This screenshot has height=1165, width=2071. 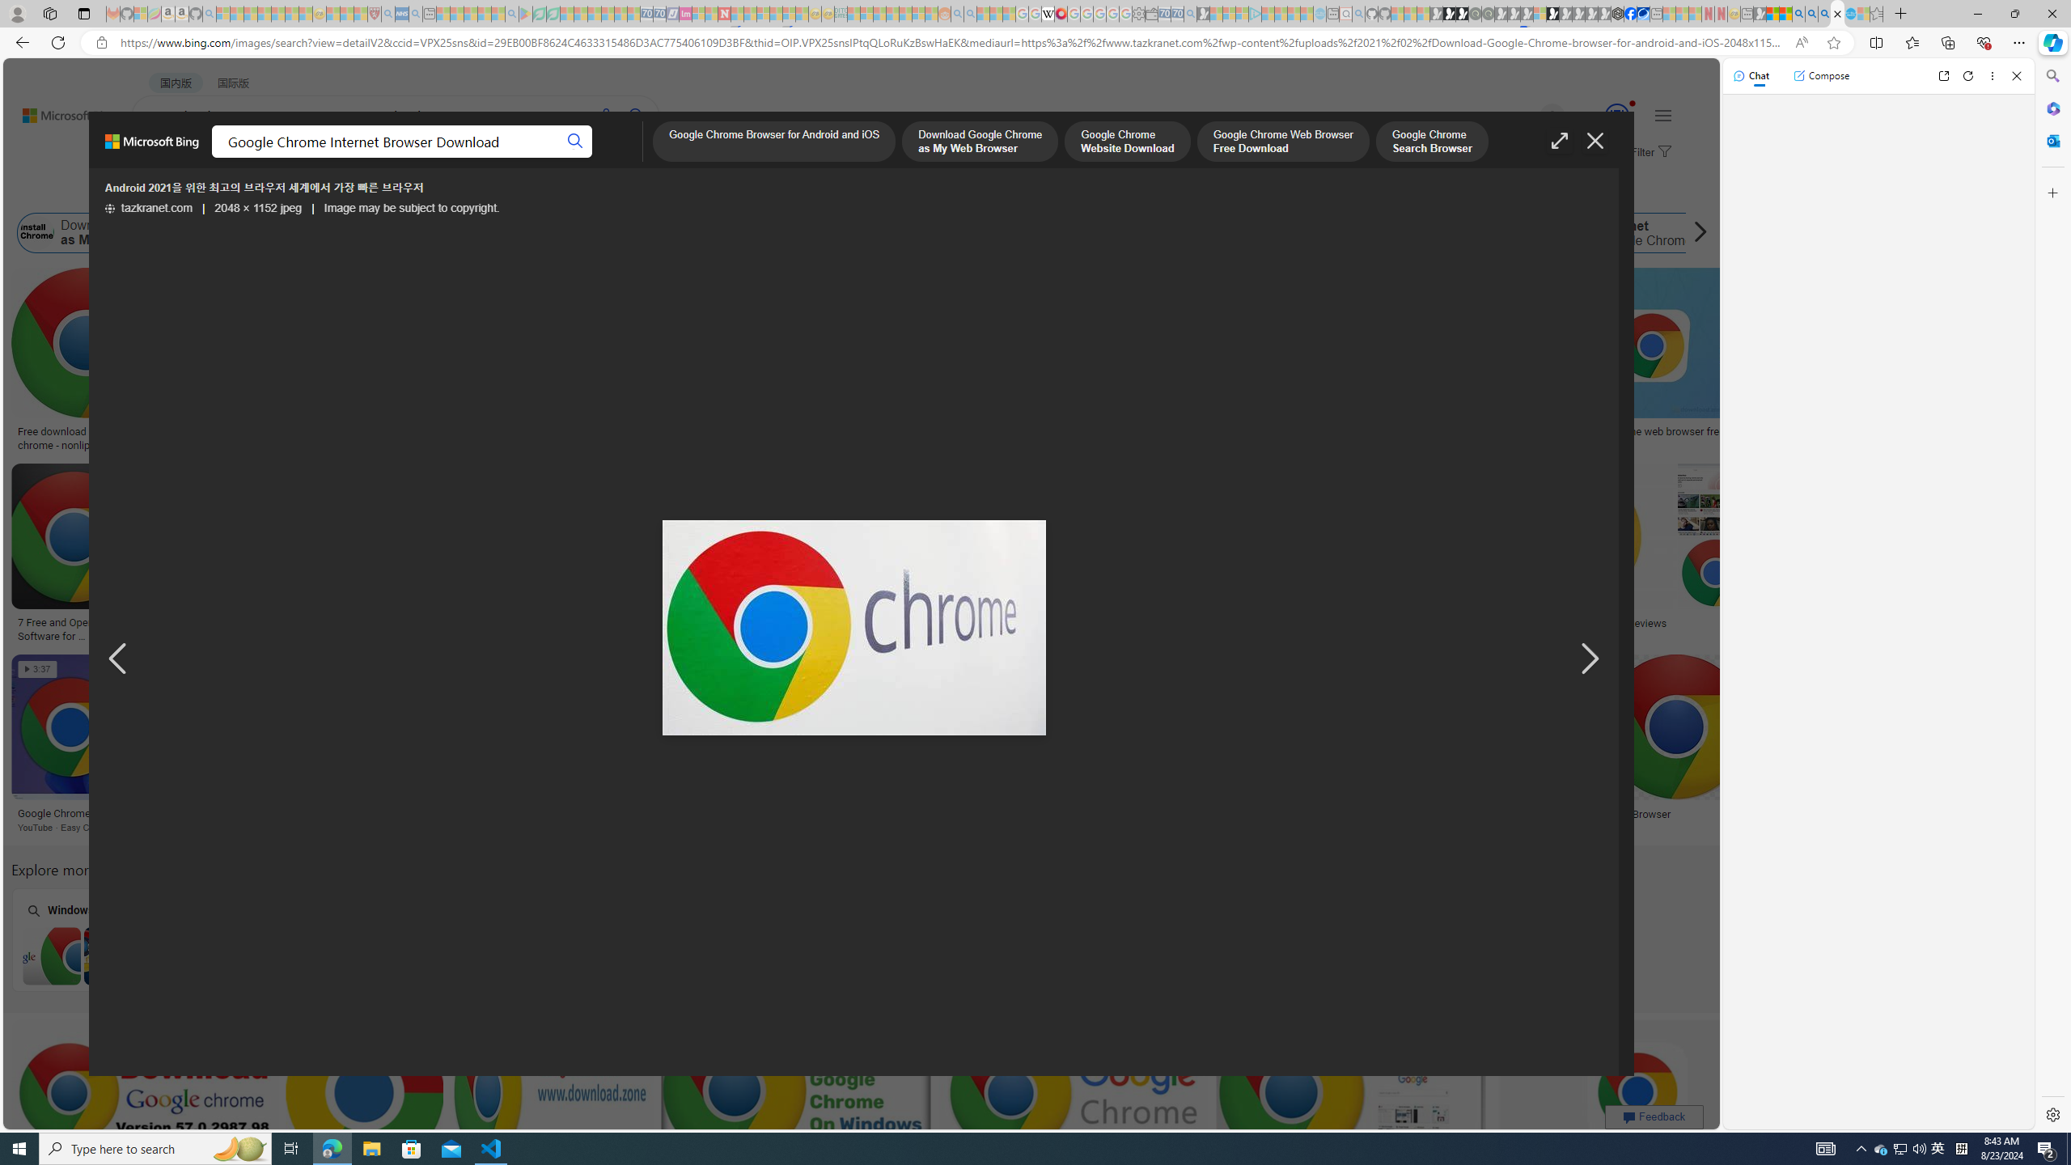 I want to click on 'Eugene', so click(x=1529, y=116).